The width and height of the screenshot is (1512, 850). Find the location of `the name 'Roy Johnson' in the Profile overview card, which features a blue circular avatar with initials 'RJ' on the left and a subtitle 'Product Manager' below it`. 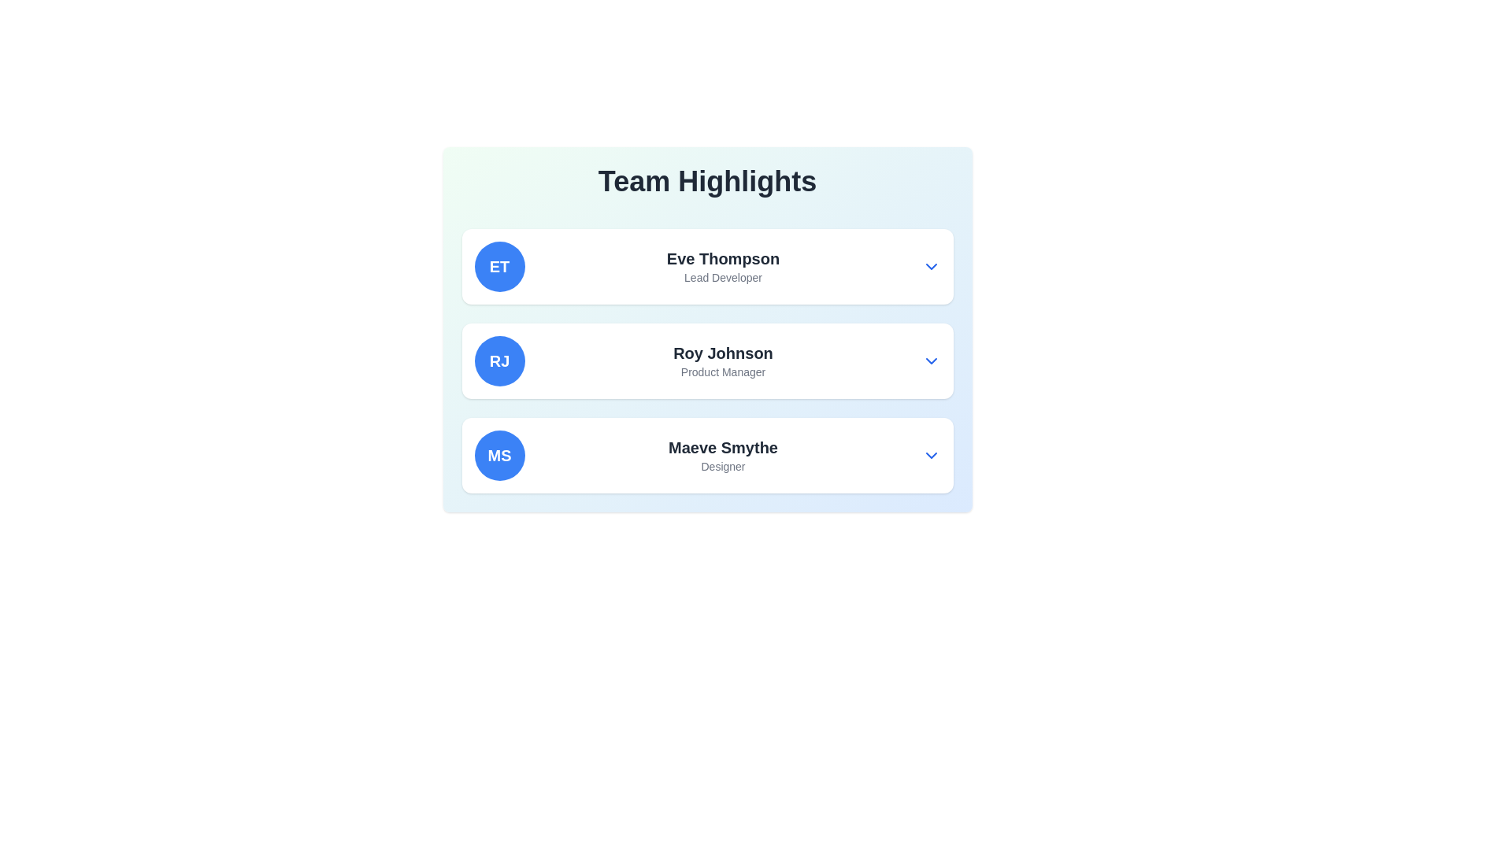

the name 'Roy Johnson' in the Profile overview card, which features a blue circular avatar with initials 'RJ' on the left and a subtitle 'Product Manager' below it is located at coordinates (706, 361).